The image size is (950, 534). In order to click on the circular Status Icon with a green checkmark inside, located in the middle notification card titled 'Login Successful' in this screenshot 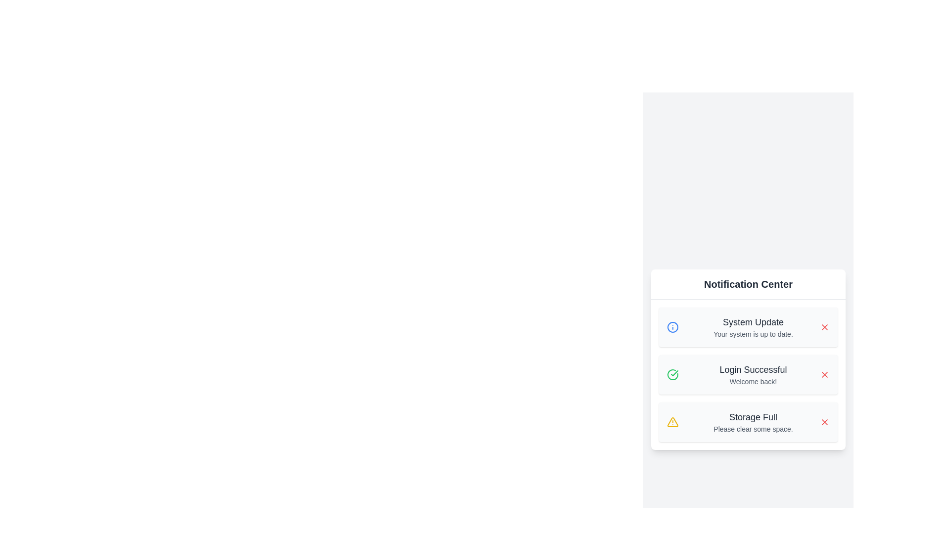, I will do `click(672, 374)`.